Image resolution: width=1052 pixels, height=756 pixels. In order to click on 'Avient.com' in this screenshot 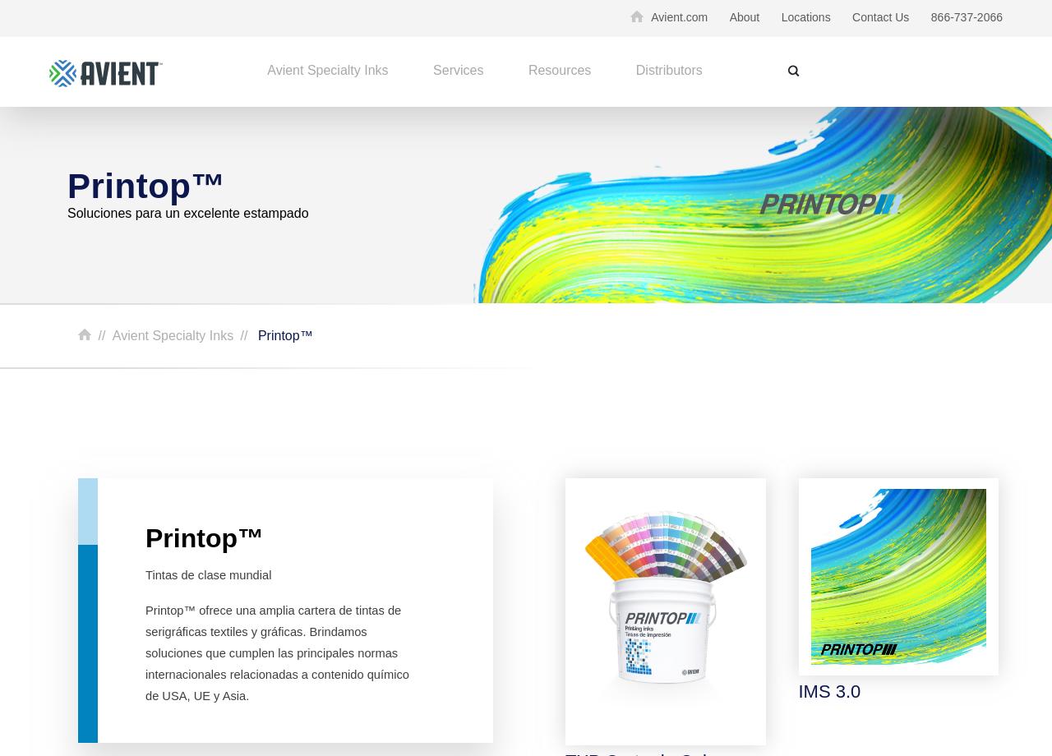, I will do `click(679, 16)`.